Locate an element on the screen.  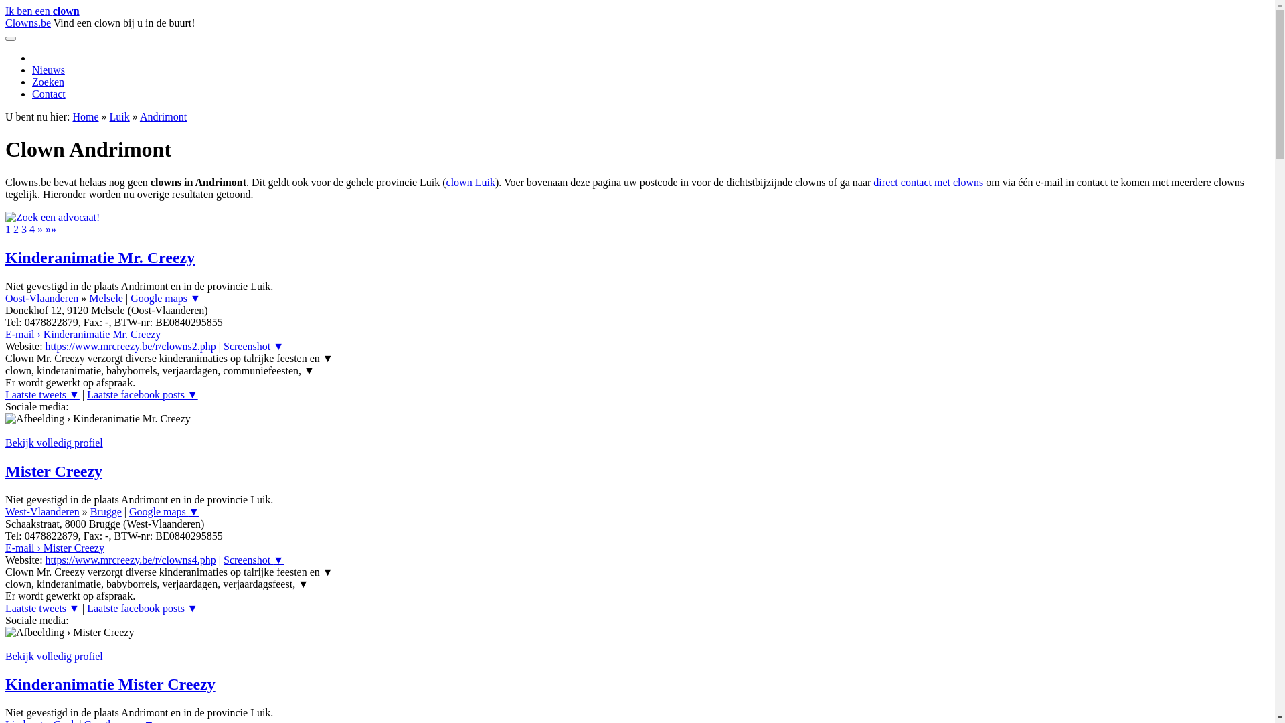
'Ik ben een clown' is located at coordinates (42, 11).